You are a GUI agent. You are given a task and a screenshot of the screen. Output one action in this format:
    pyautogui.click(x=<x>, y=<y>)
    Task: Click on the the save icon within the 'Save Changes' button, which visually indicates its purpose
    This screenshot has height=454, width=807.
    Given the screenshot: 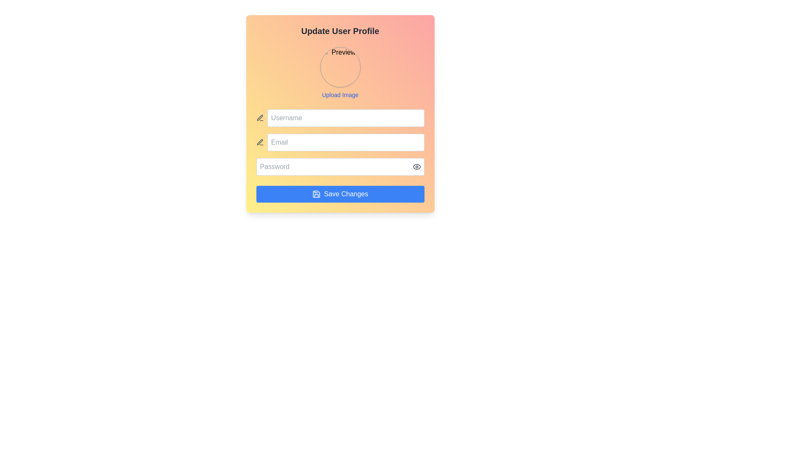 What is the action you would take?
    pyautogui.click(x=316, y=194)
    